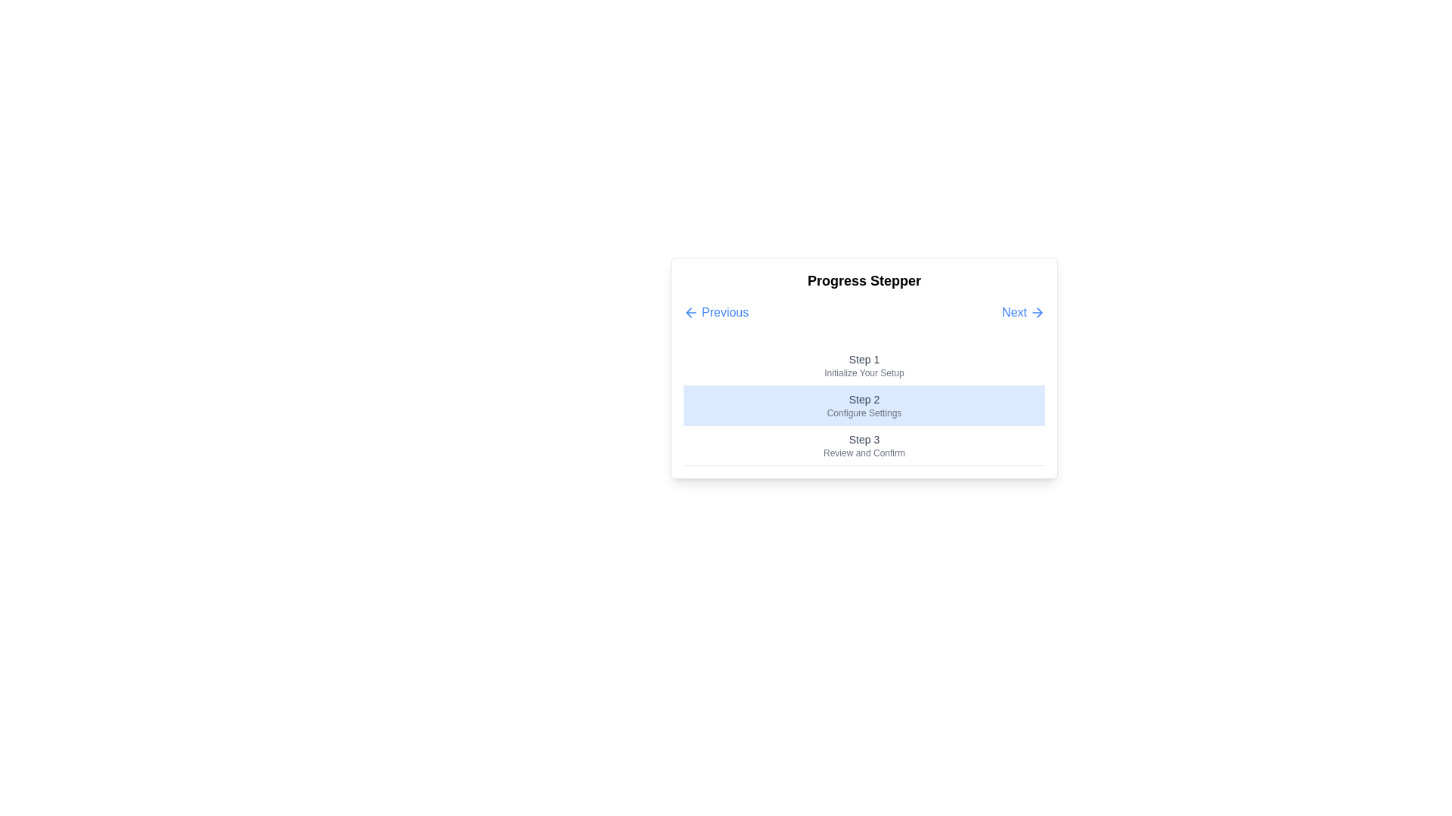  What do you see at coordinates (715, 311) in the screenshot?
I see `the 'Previous' button, which features a leftward arrow icon and is positioned to the left of a 'Next' button` at bounding box center [715, 311].